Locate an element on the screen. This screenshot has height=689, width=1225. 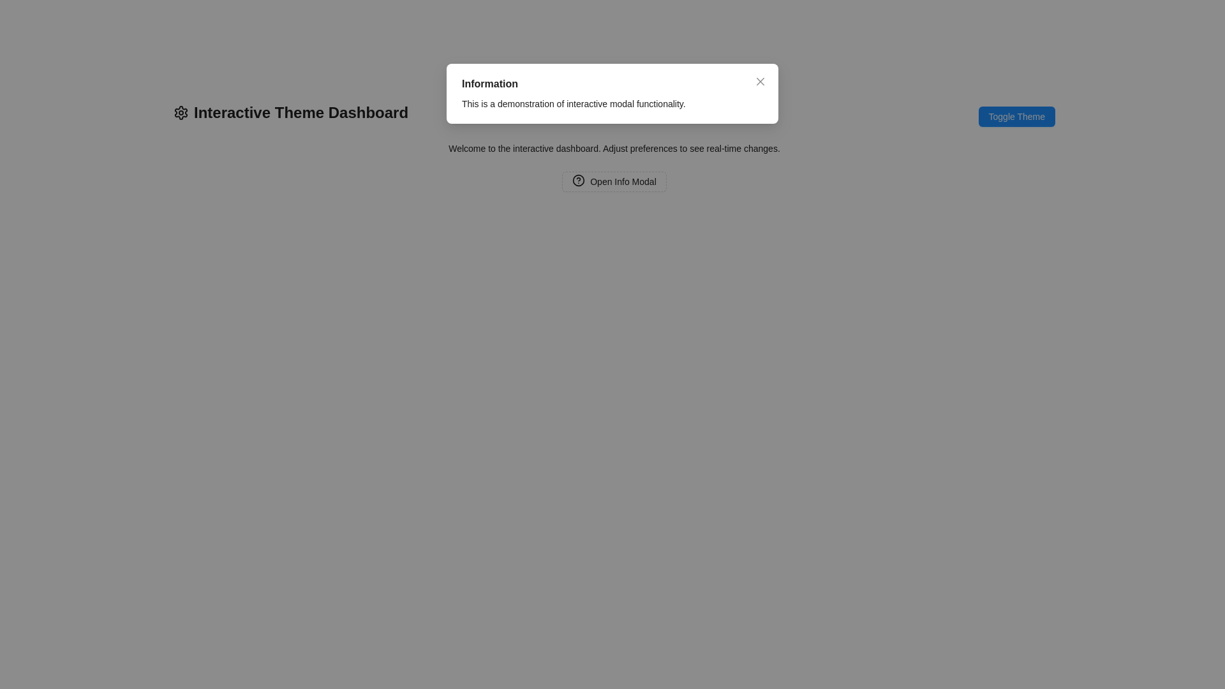
the gear icon with a circular border located to the left of the text 'Interactive Theme Dashboard' is located at coordinates (180, 112).